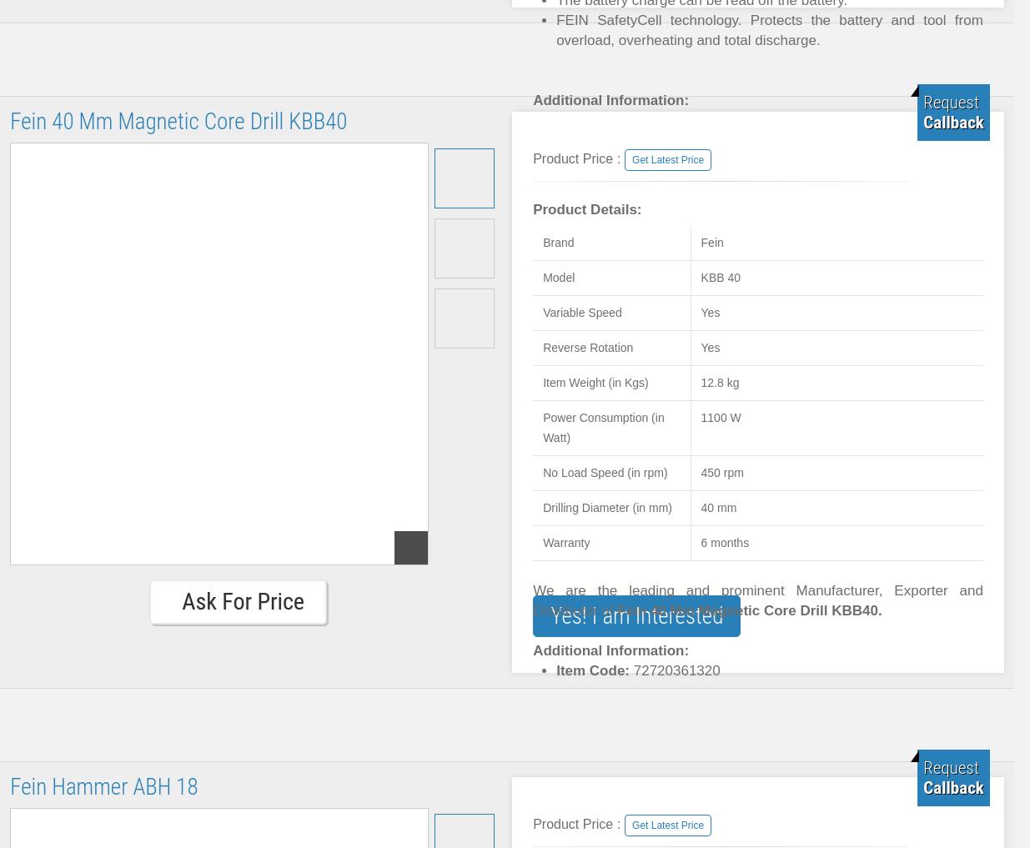 The image size is (1030, 848). Describe the element at coordinates (595, 381) in the screenshot. I see `'Item Weight (in Kgs)'` at that location.